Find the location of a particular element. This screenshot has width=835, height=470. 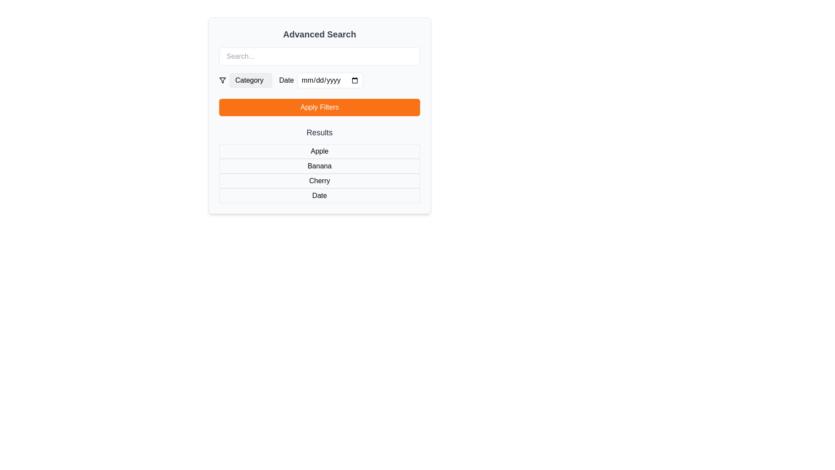

the header Text Label indicating the advanced search feature, which is the first element in a bordered, rounded, and shadowed box above the search input field is located at coordinates (319, 34).